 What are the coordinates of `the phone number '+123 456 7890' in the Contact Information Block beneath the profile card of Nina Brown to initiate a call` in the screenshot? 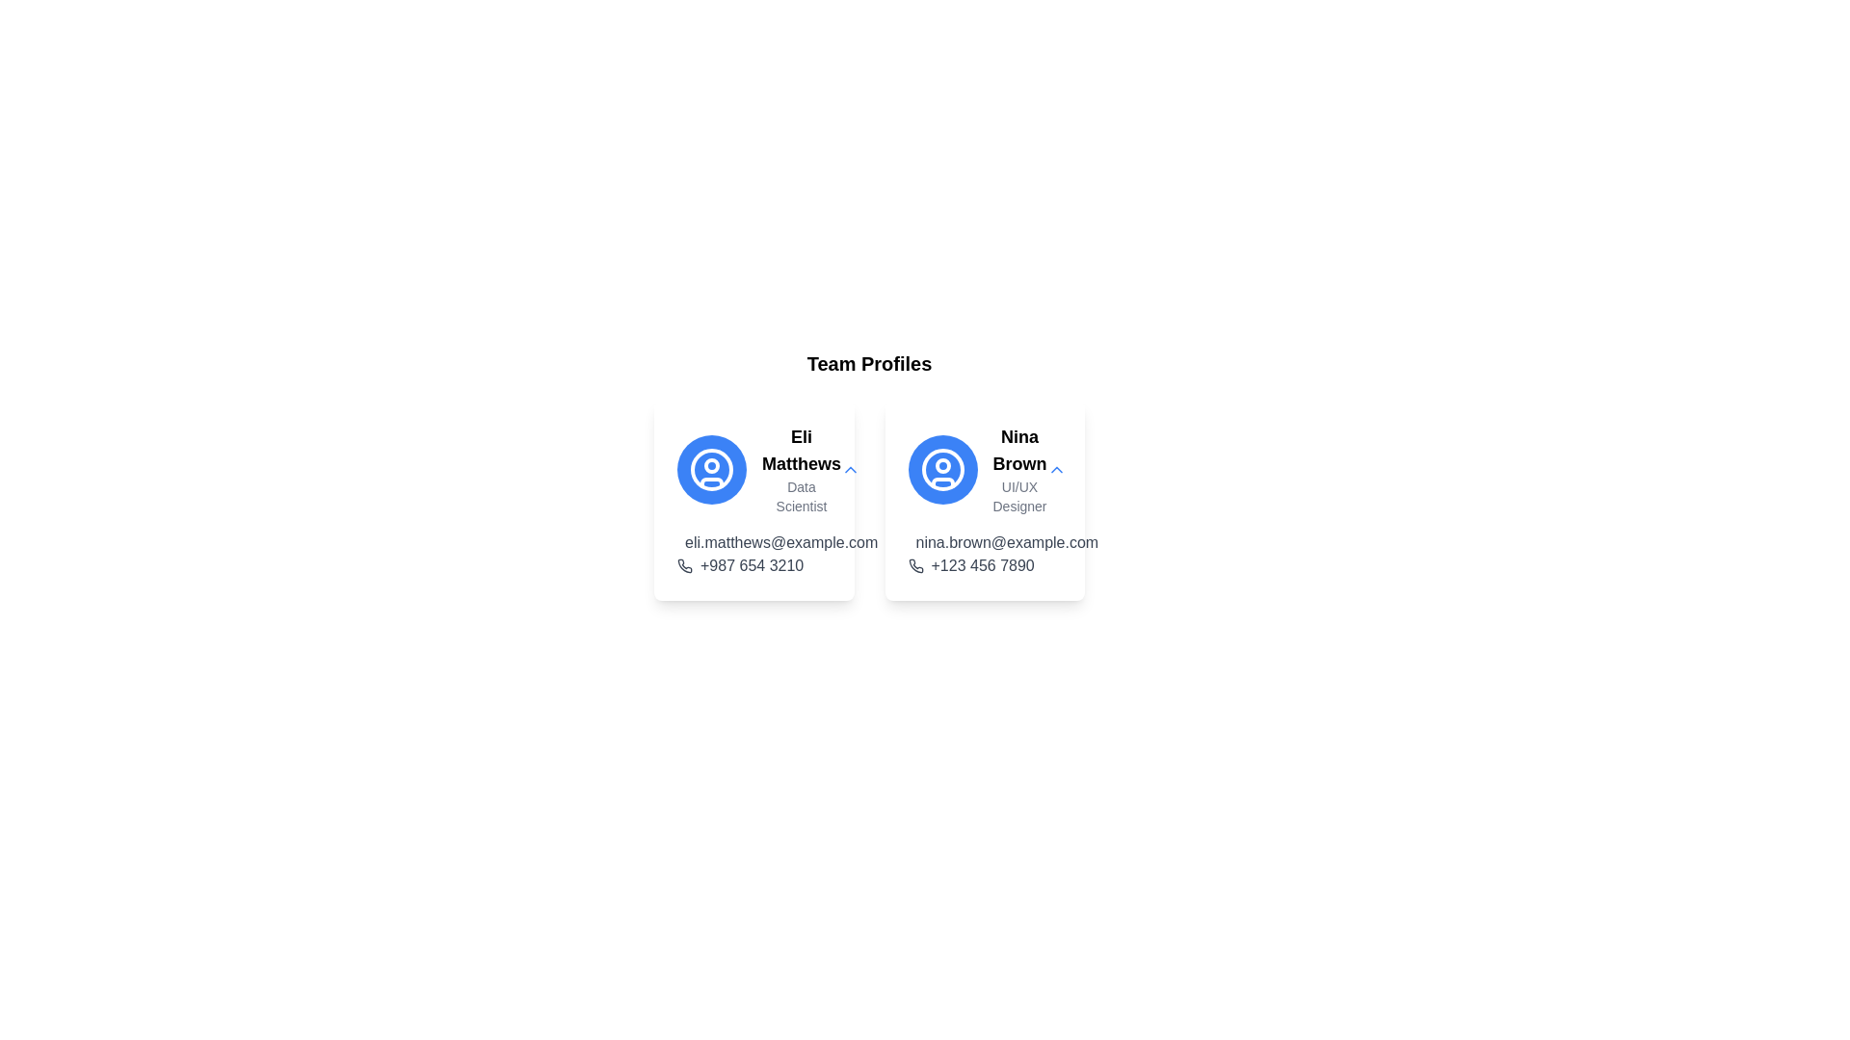 It's located at (985, 554).